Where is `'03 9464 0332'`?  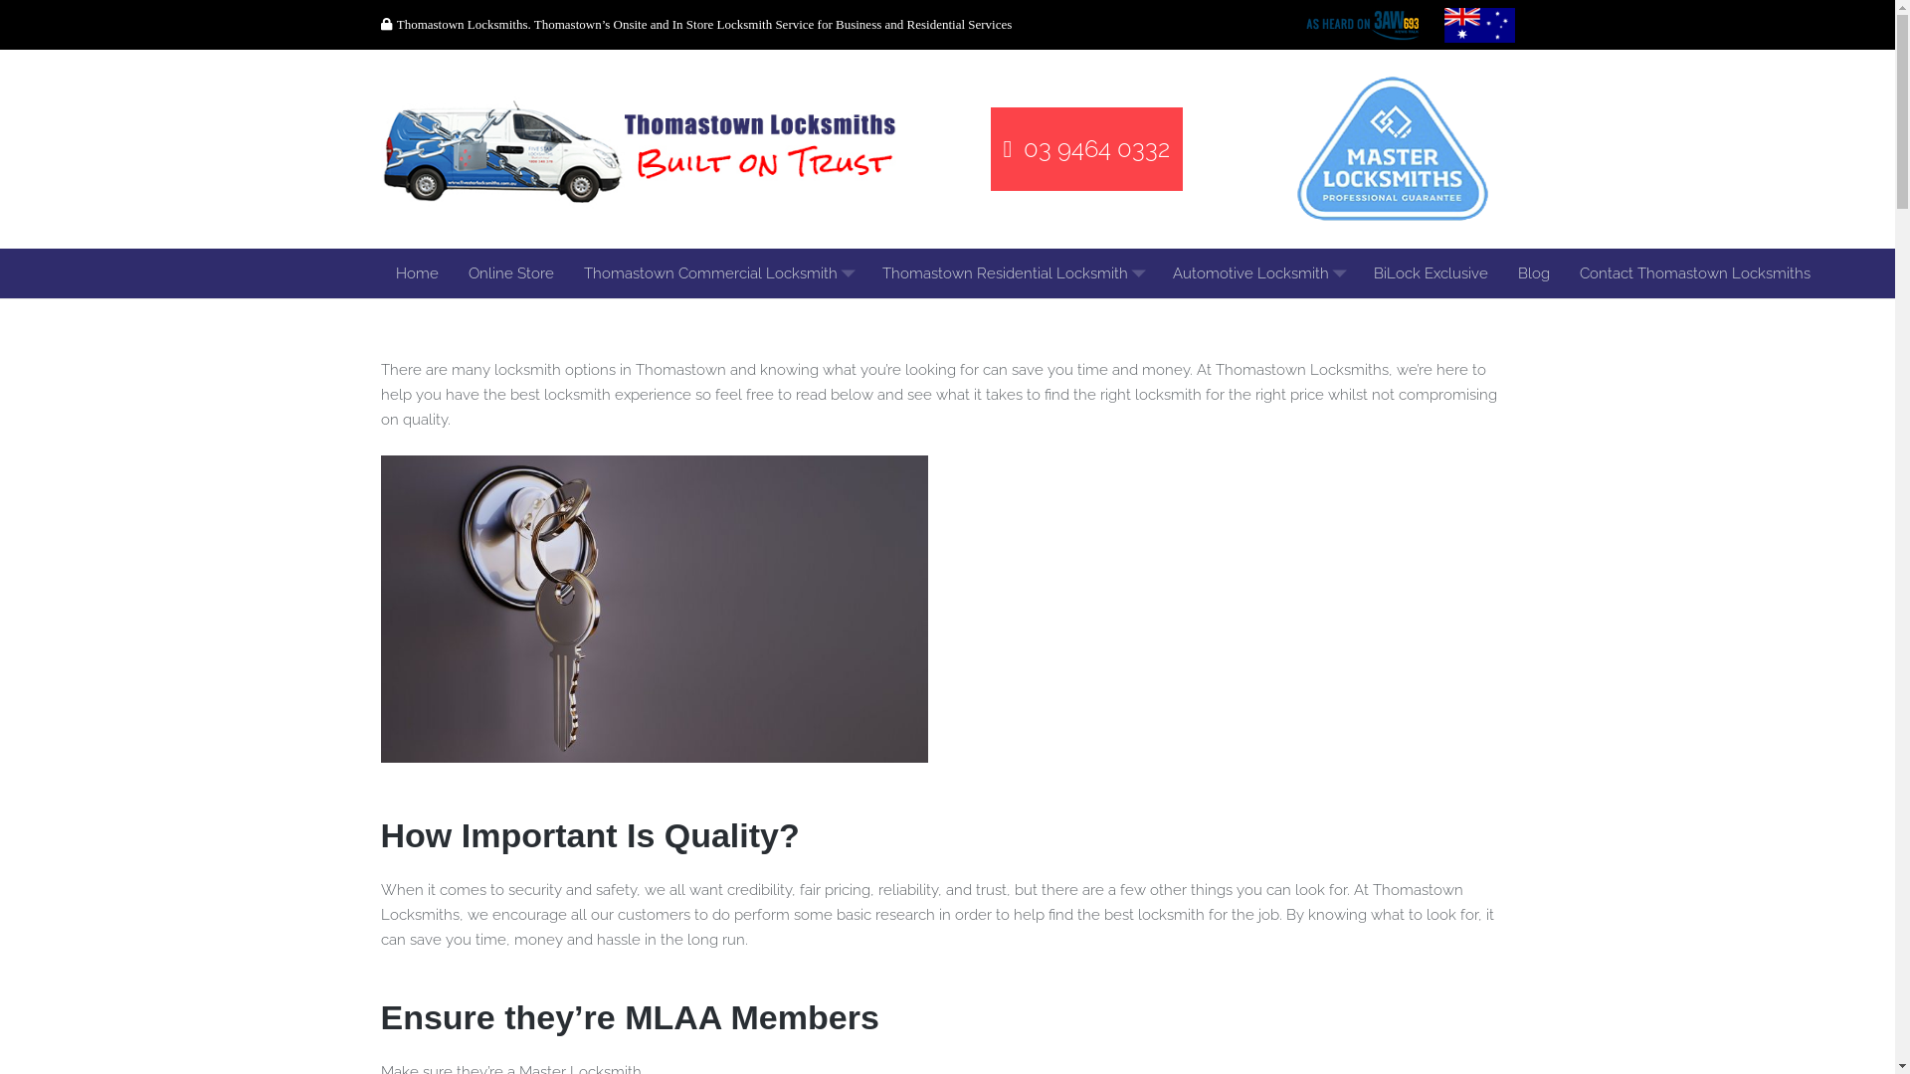
'03 9464 0332' is located at coordinates (991, 148).